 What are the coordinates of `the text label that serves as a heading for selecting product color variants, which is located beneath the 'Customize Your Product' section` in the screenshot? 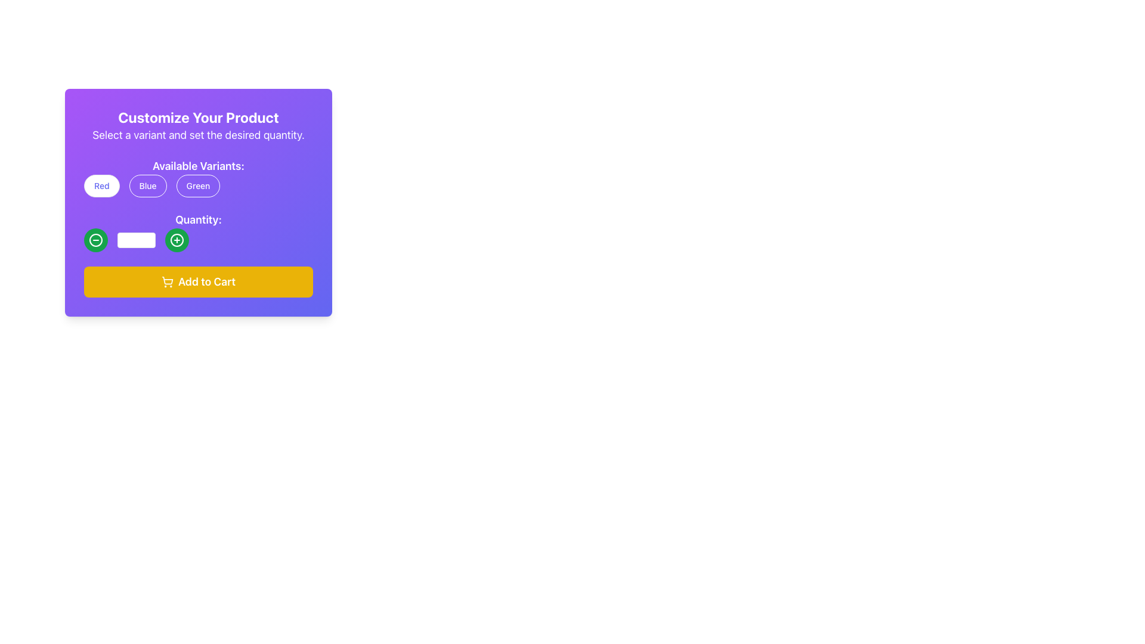 It's located at (198, 166).